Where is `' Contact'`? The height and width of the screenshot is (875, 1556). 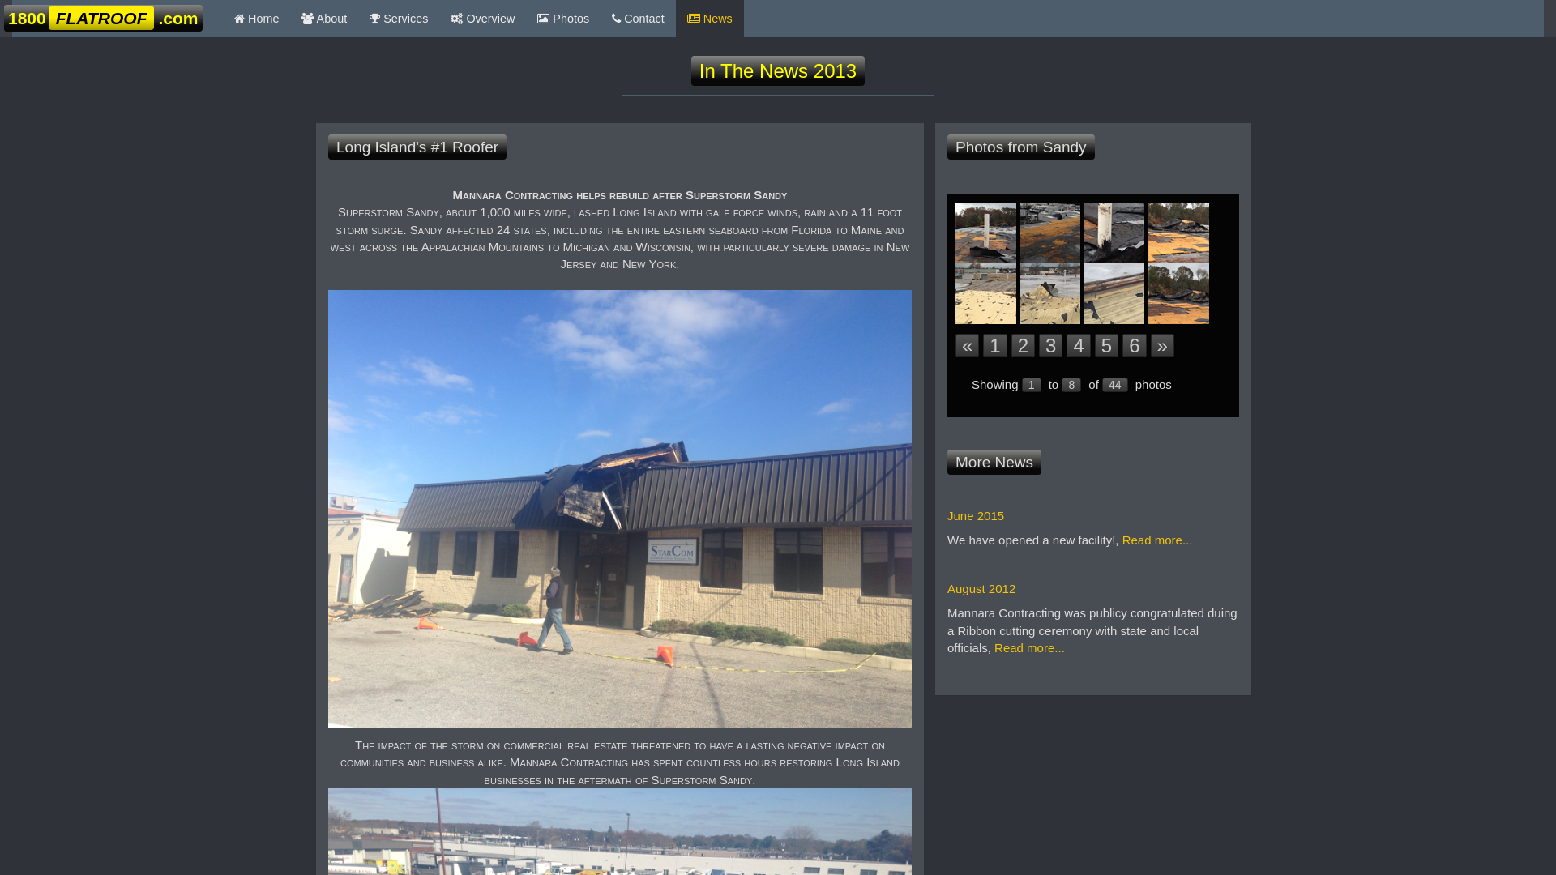
' Contact' is located at coordinates (637, 19).